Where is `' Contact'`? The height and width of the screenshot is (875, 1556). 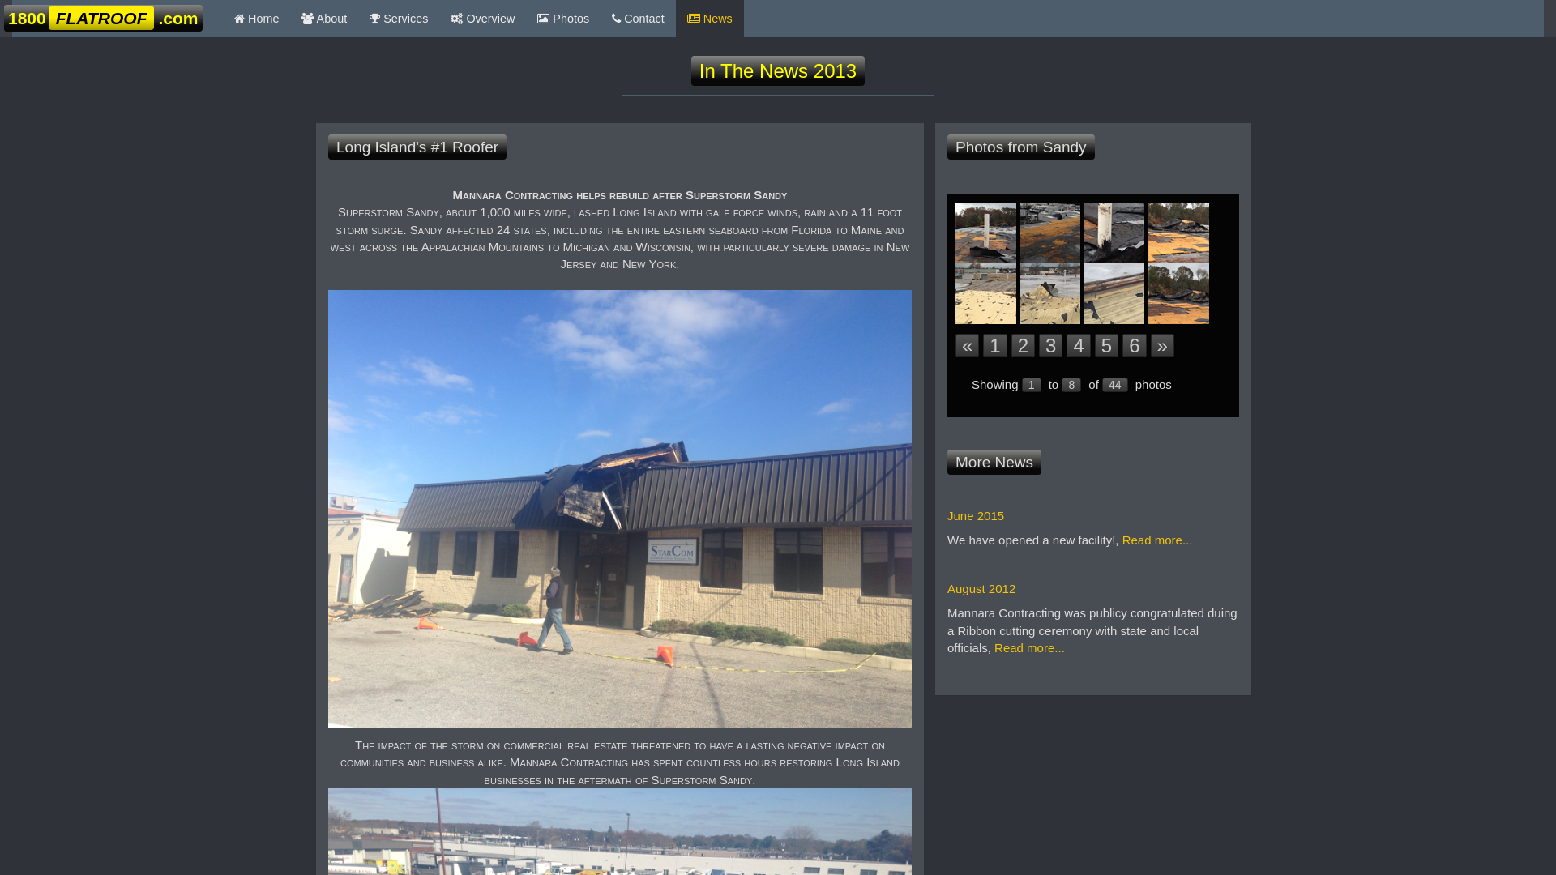
' Contact' is located at coordinates (637, 19).